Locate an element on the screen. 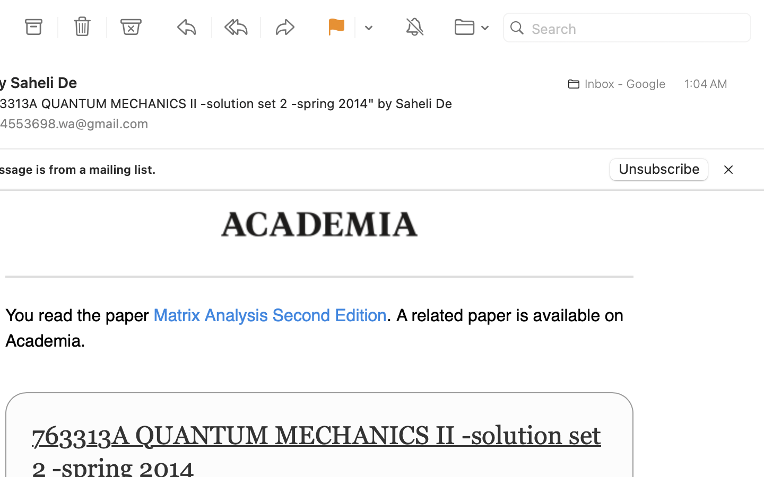 Image resolution: width=764 pixels, height=477 pixels. '1:04 AM' is located at coordinates (705, 84).